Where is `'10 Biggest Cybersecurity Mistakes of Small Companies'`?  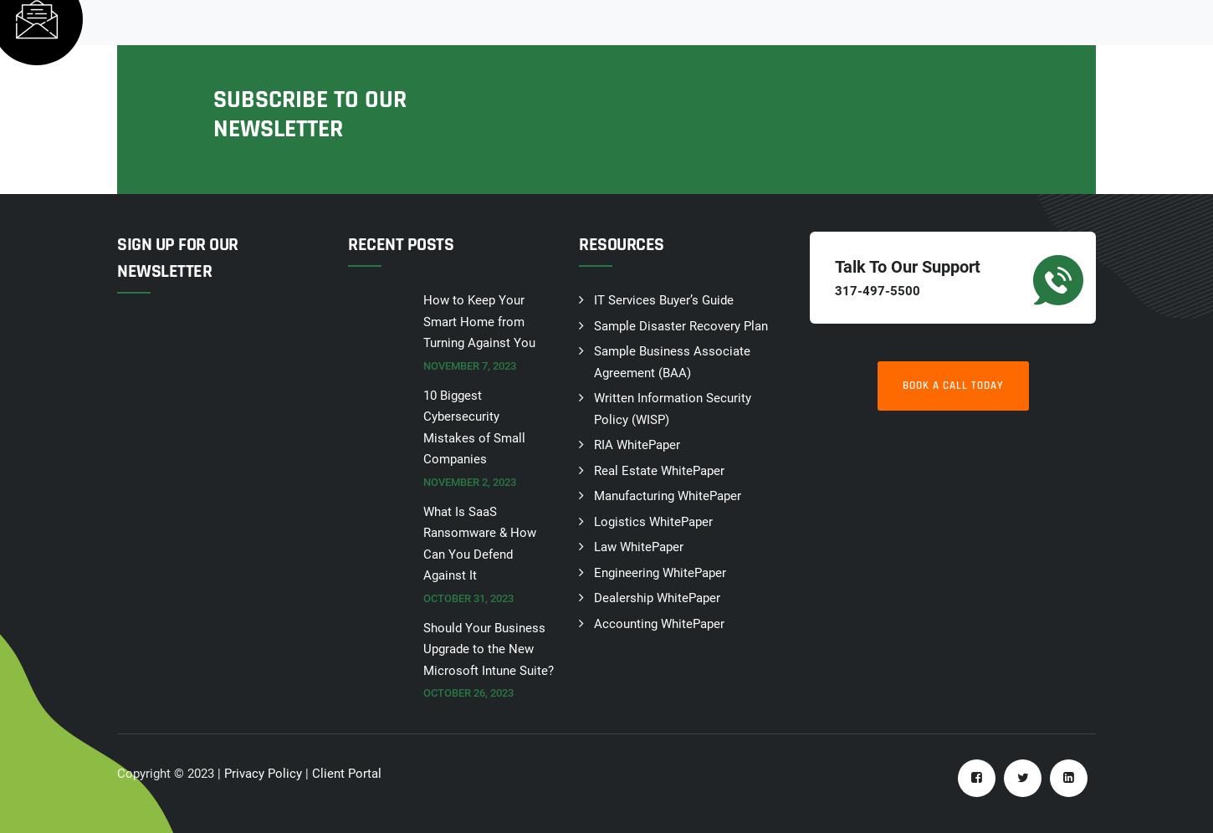
'10 Biggest Cybersecurity Mistakes of Small Companies' is located at coordinates (473, 427).